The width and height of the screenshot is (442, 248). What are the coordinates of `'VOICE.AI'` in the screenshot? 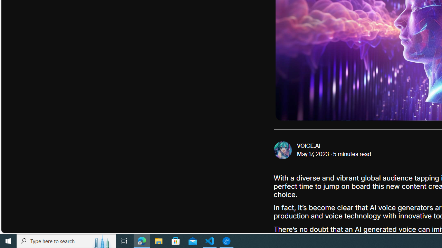 It's located at (308, 146).